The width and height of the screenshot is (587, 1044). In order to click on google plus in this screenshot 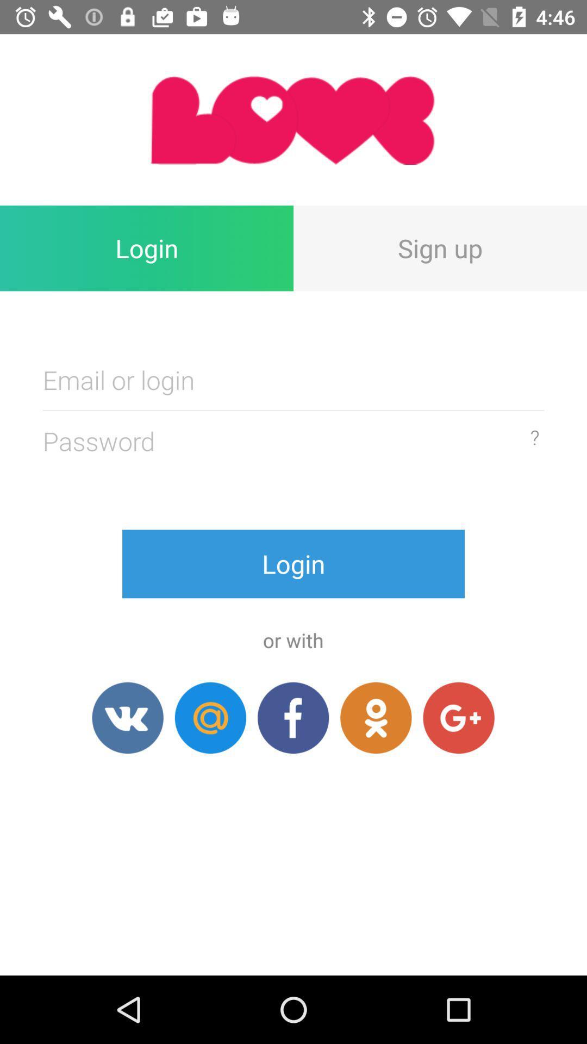, I will do `click(459, 718)`.